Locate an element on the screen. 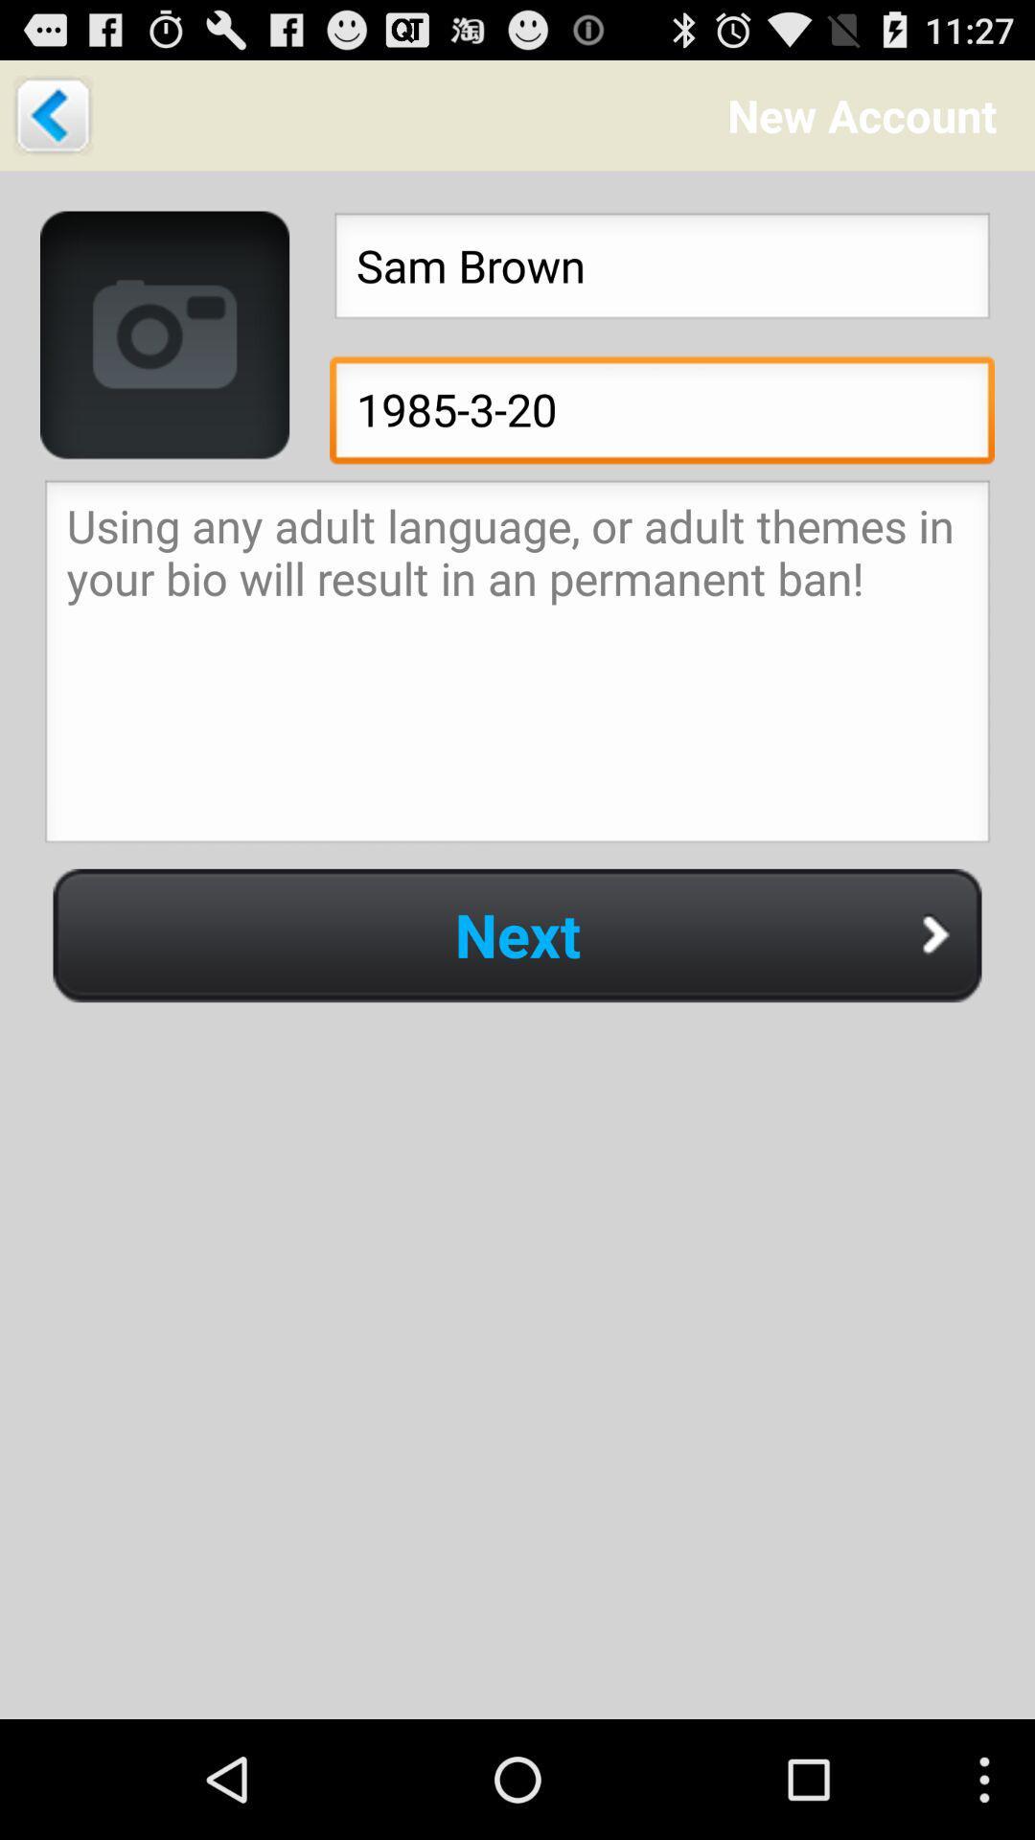 This screenshot has height=1840, width=1035. write a bio is located at coordinates (517, 667).